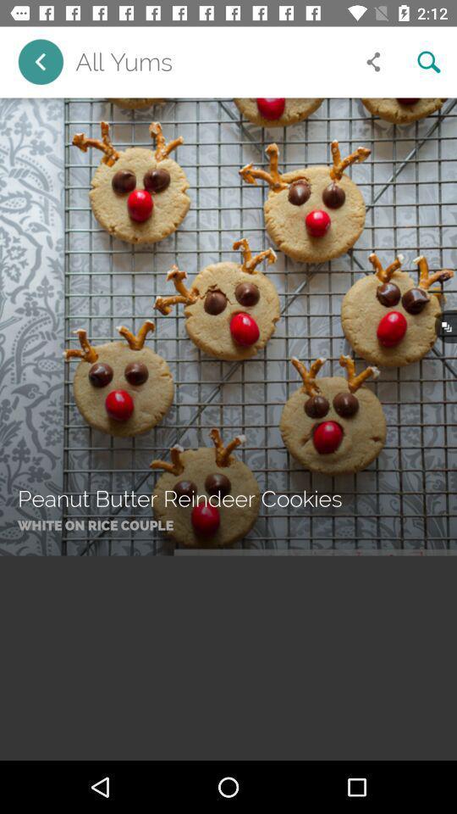  Describe the element at coordinates (41, 62) in the screenshot. I see `the item next to all yums item` at that location.